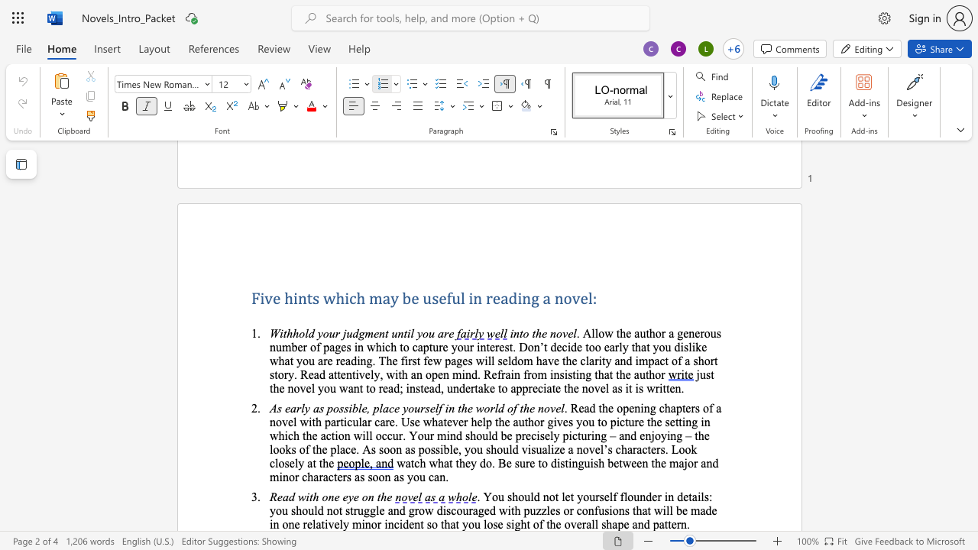  I want to click on the space between the continuous character "a" and "i" in the text, so click(696, 497).